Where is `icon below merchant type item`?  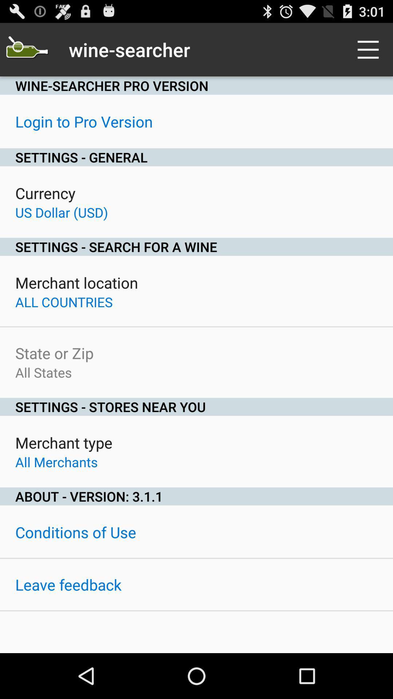 icon below merchant type item is located at coordinates (56, 461).